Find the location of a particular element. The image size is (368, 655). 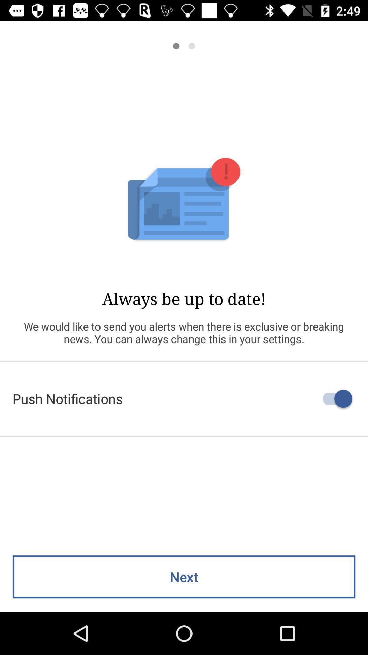

next is located at coordinates (184, 577).